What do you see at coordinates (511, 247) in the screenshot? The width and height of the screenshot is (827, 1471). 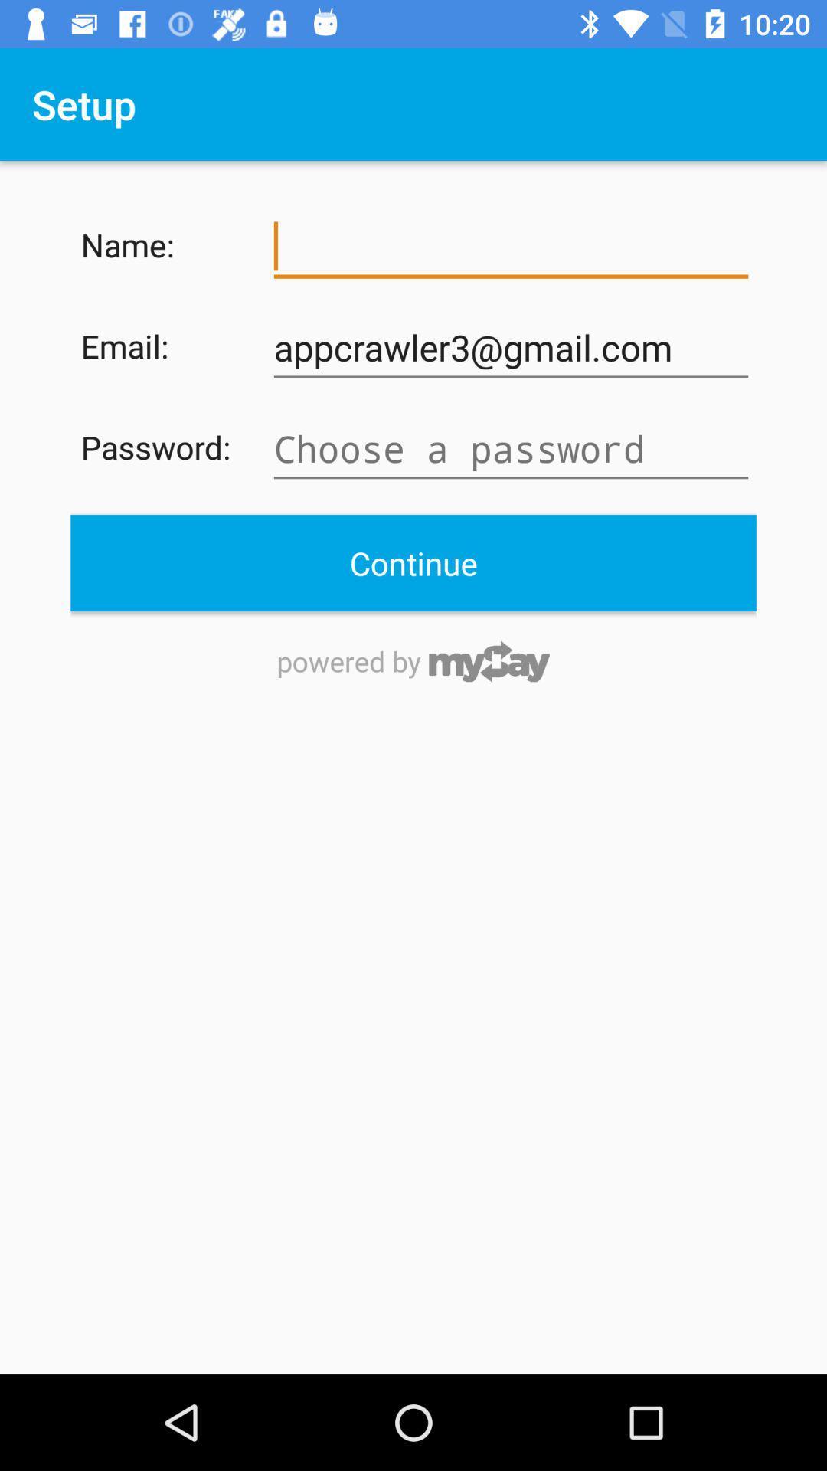 I see `name option` at bounding box center [511, 247].